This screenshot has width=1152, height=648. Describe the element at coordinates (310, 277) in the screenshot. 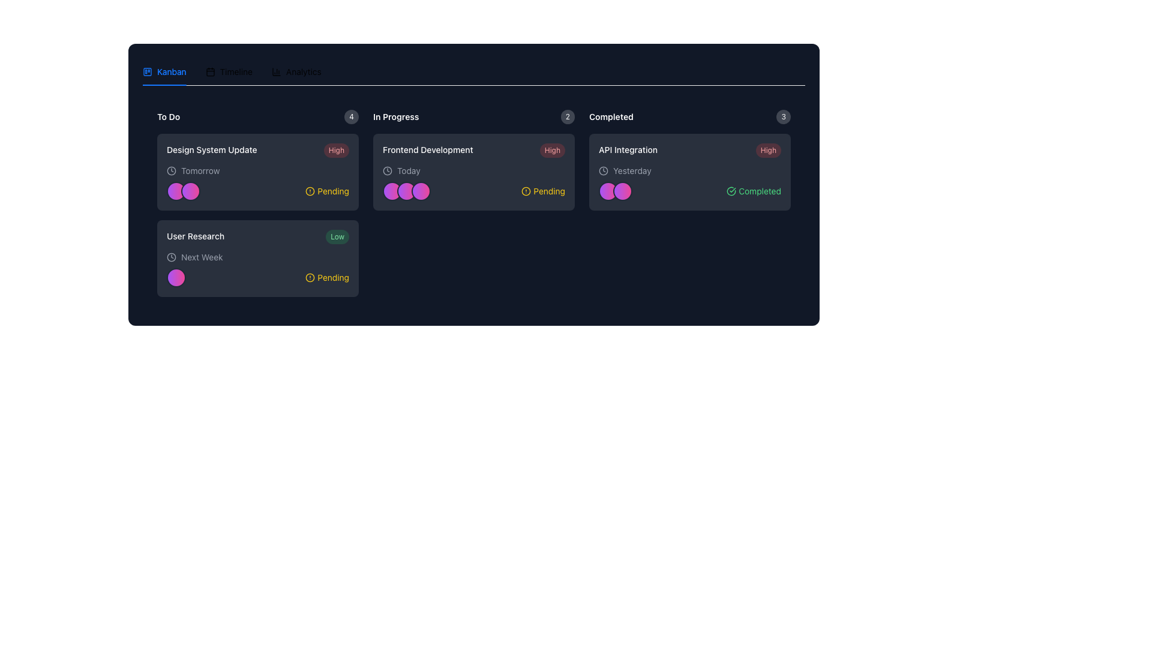

I see `the alert icon styled as a yellow circular outline with an exclamation mark, located in the bottom-right corner of the 'User Research' card under the 'To Do' column in the Kanban board` at that location.